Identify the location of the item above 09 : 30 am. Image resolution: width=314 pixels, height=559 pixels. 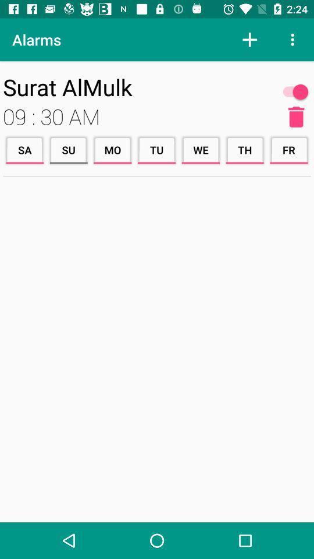
(138, 86).